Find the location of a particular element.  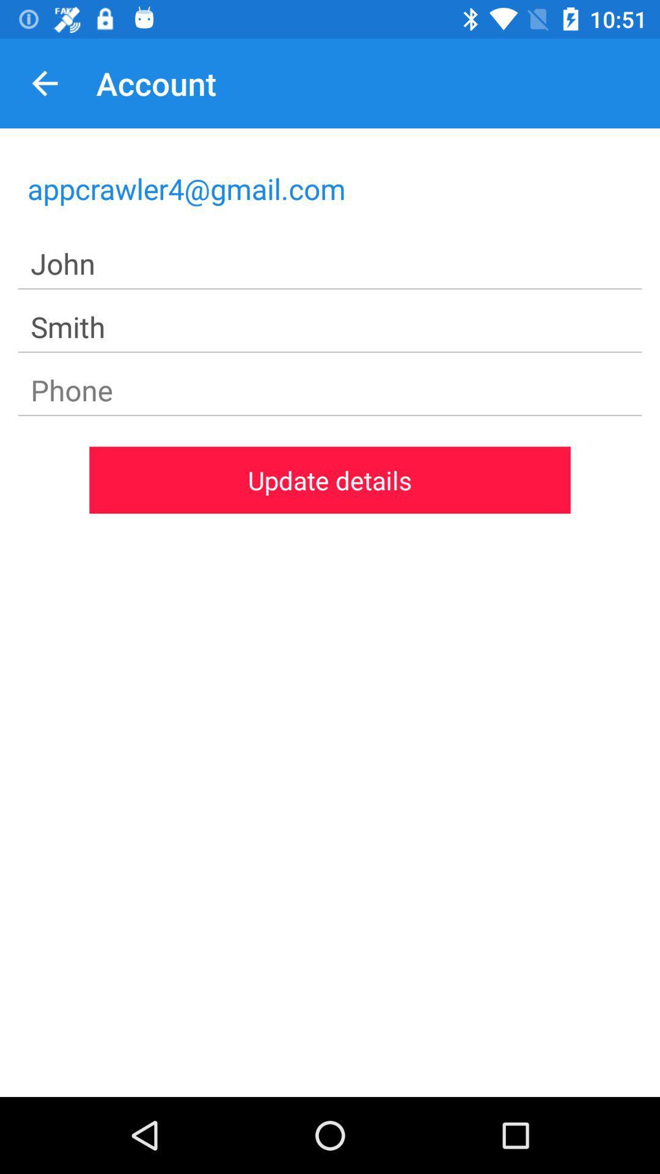

john icon is located at coordinates (330, 264).